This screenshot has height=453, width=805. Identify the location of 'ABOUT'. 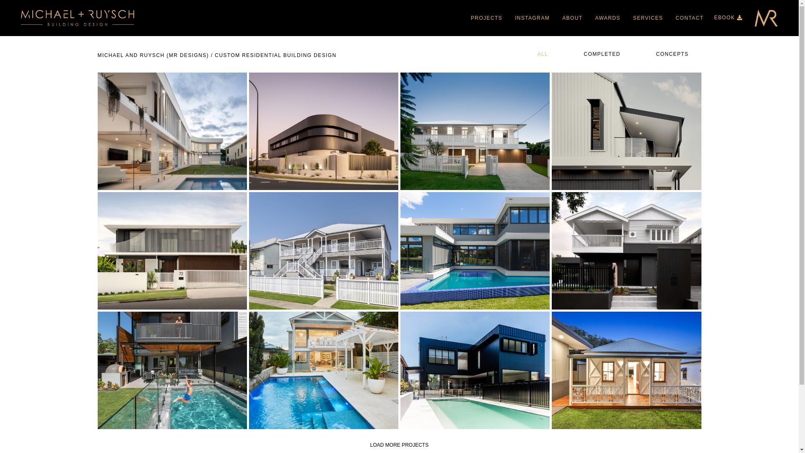
(571, 18).